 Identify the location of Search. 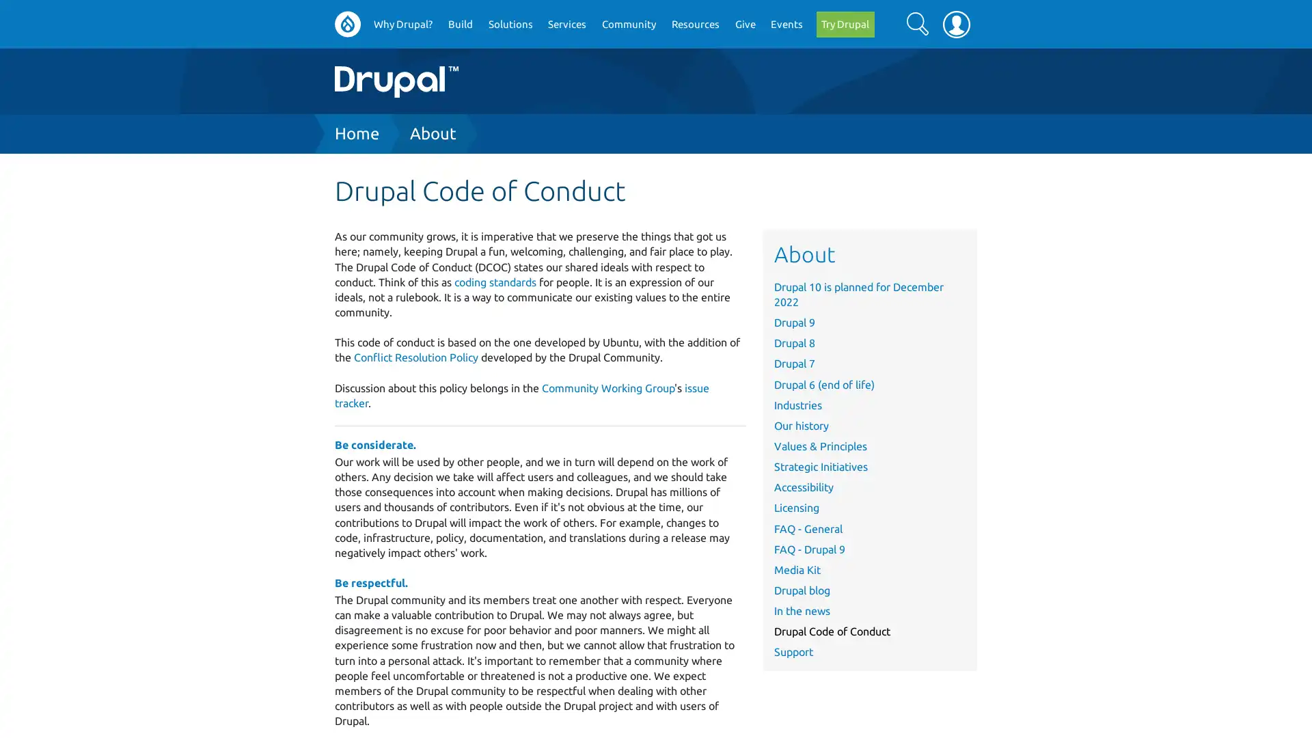
(917, 23).